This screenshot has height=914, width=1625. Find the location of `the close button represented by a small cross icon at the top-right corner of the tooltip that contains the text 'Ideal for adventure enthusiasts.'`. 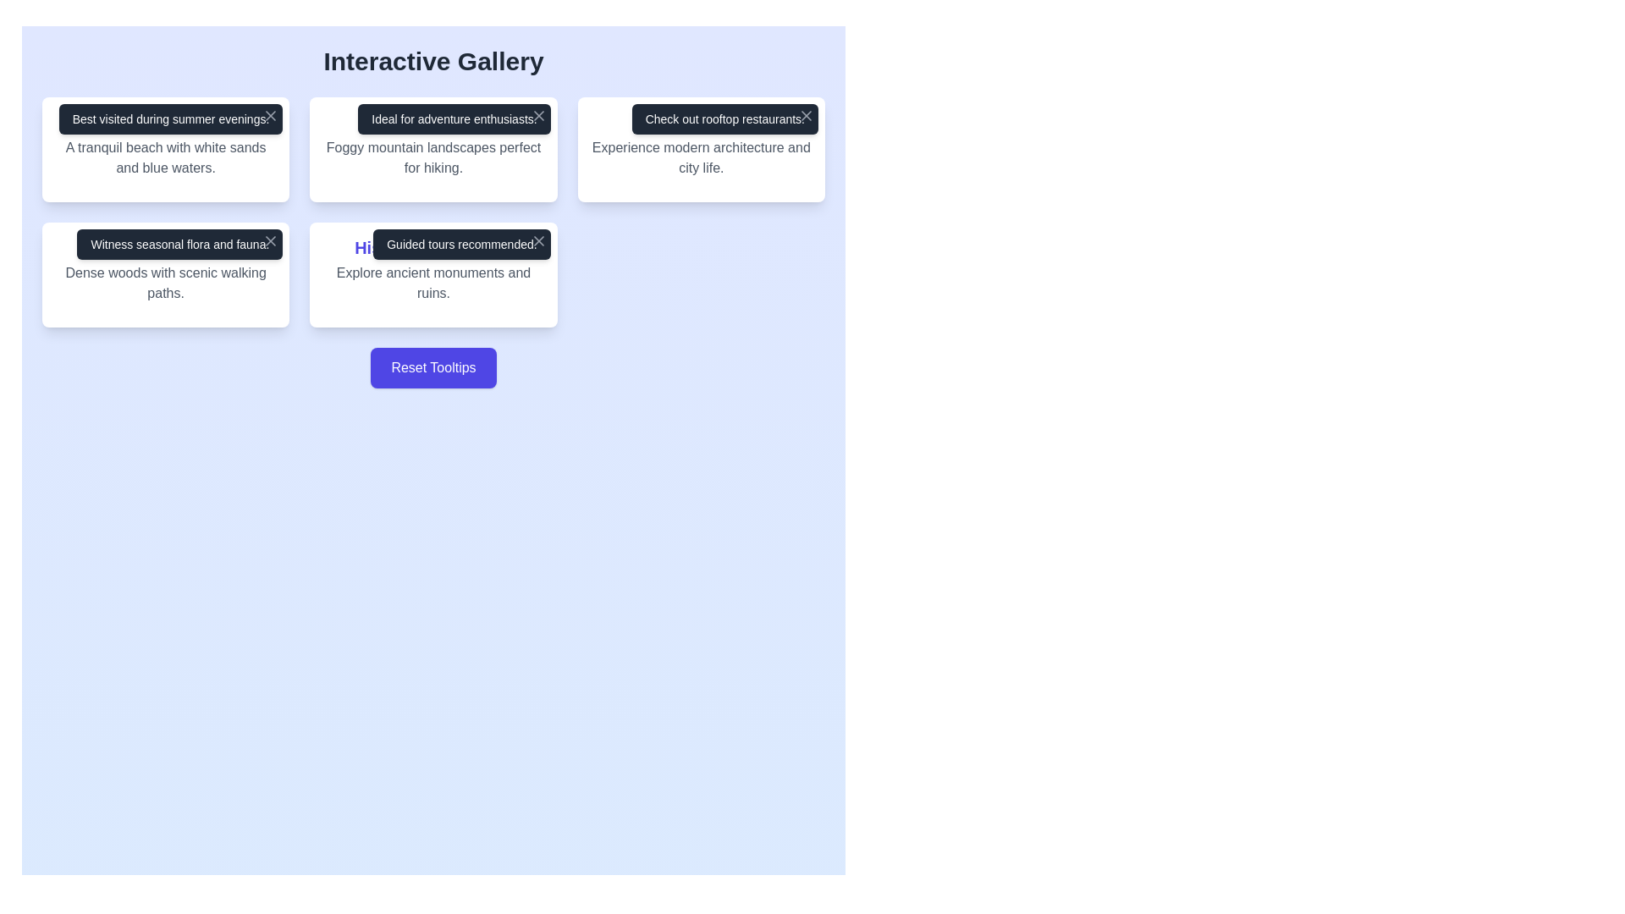

the close button represented by a small cross icon at the top-right corner of the tooltip that contains the text 'Ideal for adventure enthusiasts.' is located at coordinates (537, 115).